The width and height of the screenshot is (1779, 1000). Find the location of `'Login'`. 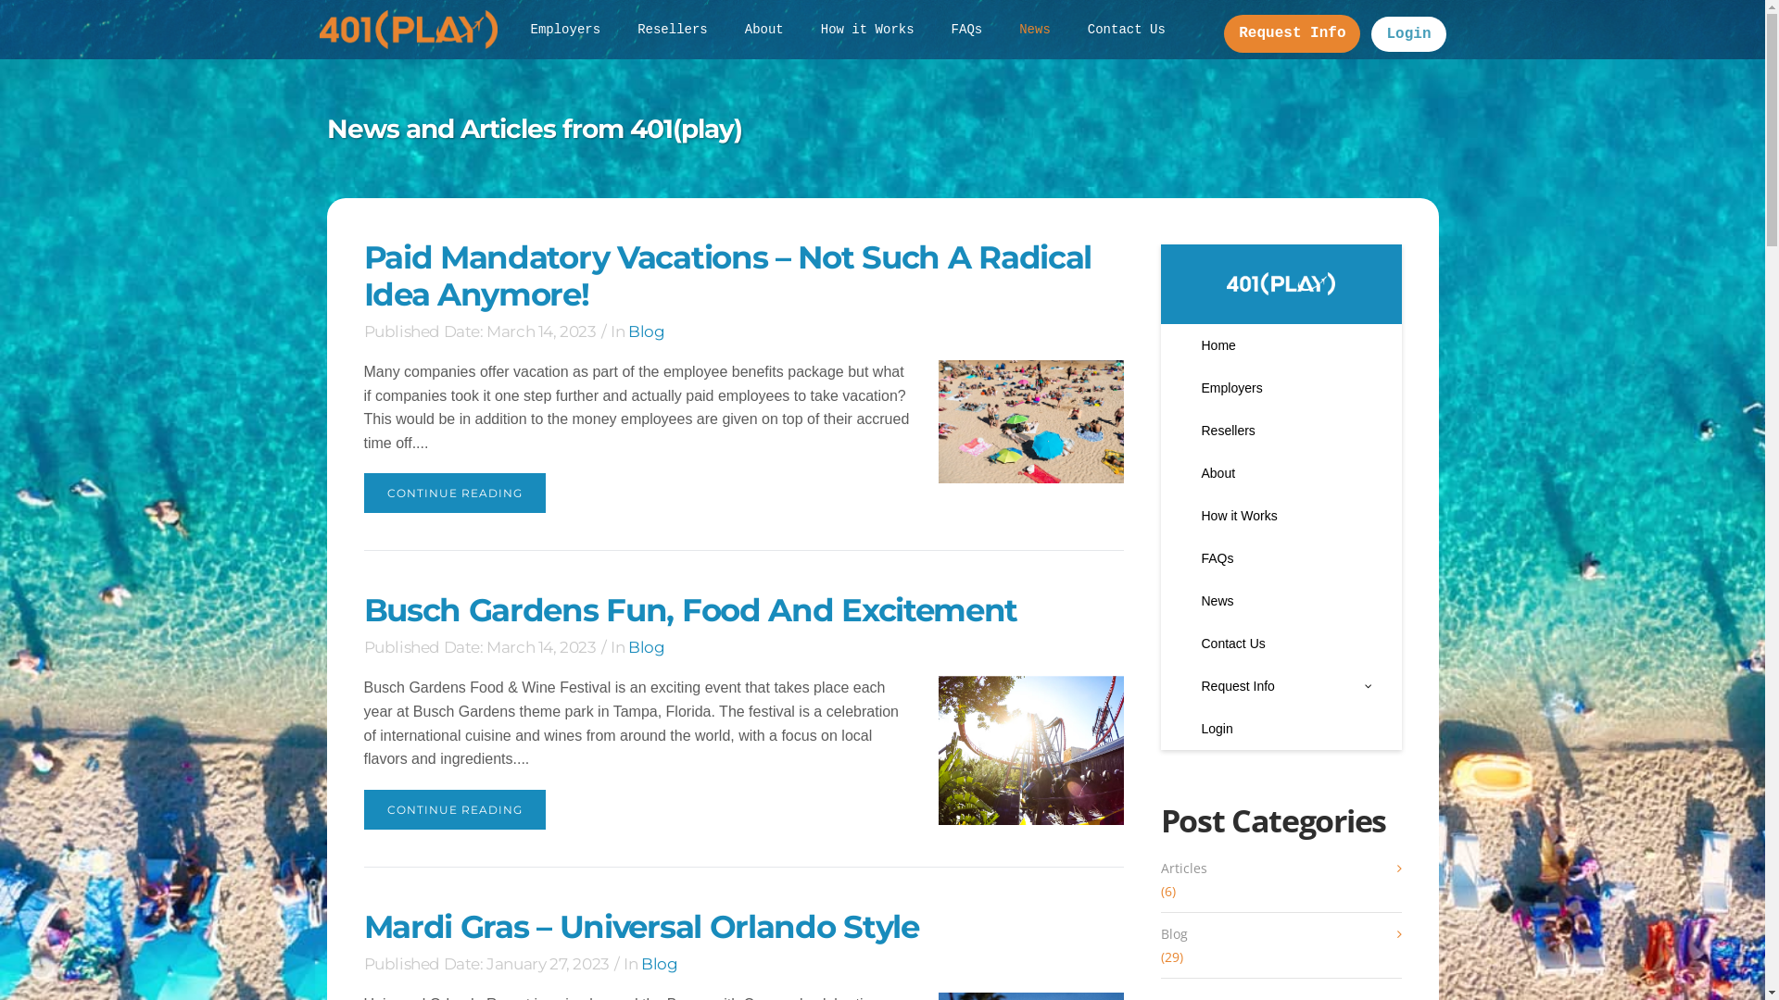

'Login' is located at coordinates (1408, 34).